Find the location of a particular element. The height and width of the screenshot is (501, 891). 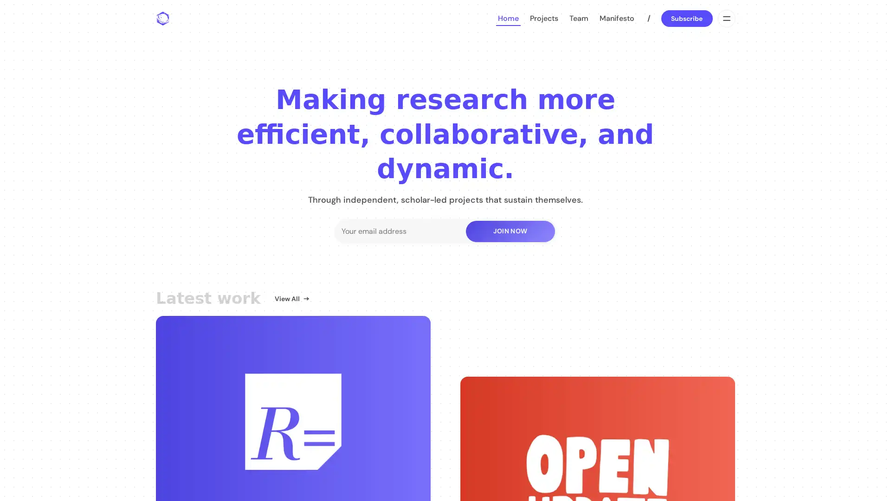

JOIN NOW is located at coordinates (510, 230).